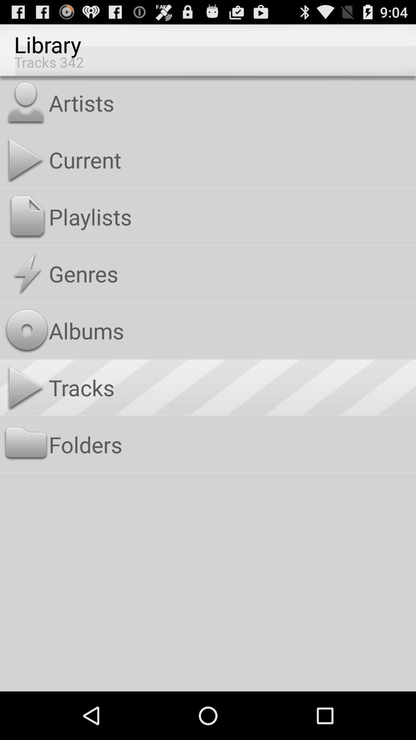  I want to click on genres item, so click(230, 273).